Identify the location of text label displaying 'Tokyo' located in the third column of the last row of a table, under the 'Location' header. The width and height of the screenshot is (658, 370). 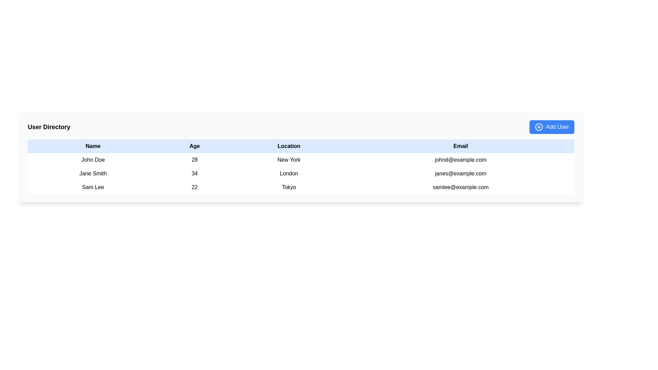
(289, 187).